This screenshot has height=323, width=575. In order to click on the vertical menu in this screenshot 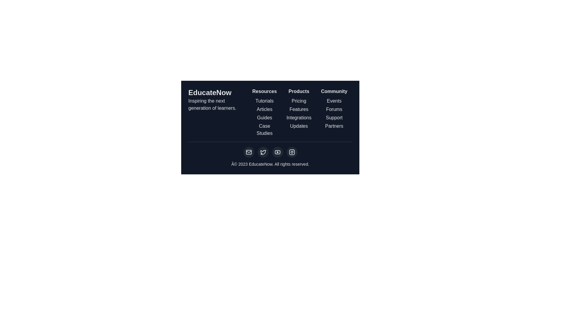, I will do `click(299, 114)`.